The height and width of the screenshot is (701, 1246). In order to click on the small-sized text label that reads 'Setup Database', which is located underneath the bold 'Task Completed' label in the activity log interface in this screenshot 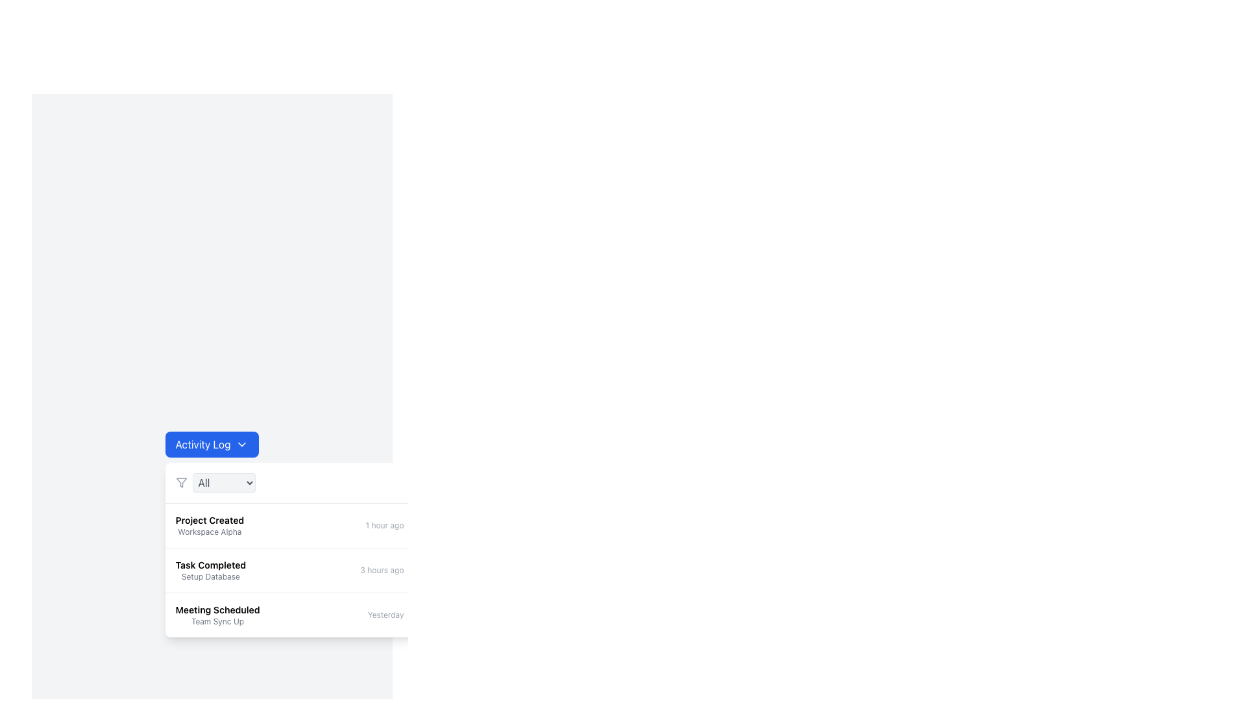, I will do `click(210, 576)`.